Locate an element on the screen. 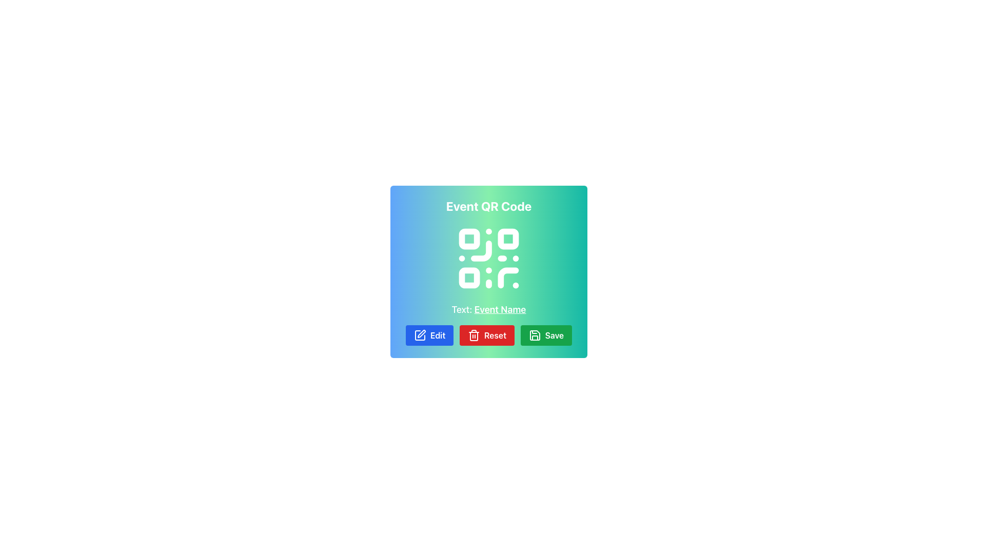 This screenshot has height=554, width=985. the floppy disk icon within the 'Save' button is located at coordinates (534, 335).